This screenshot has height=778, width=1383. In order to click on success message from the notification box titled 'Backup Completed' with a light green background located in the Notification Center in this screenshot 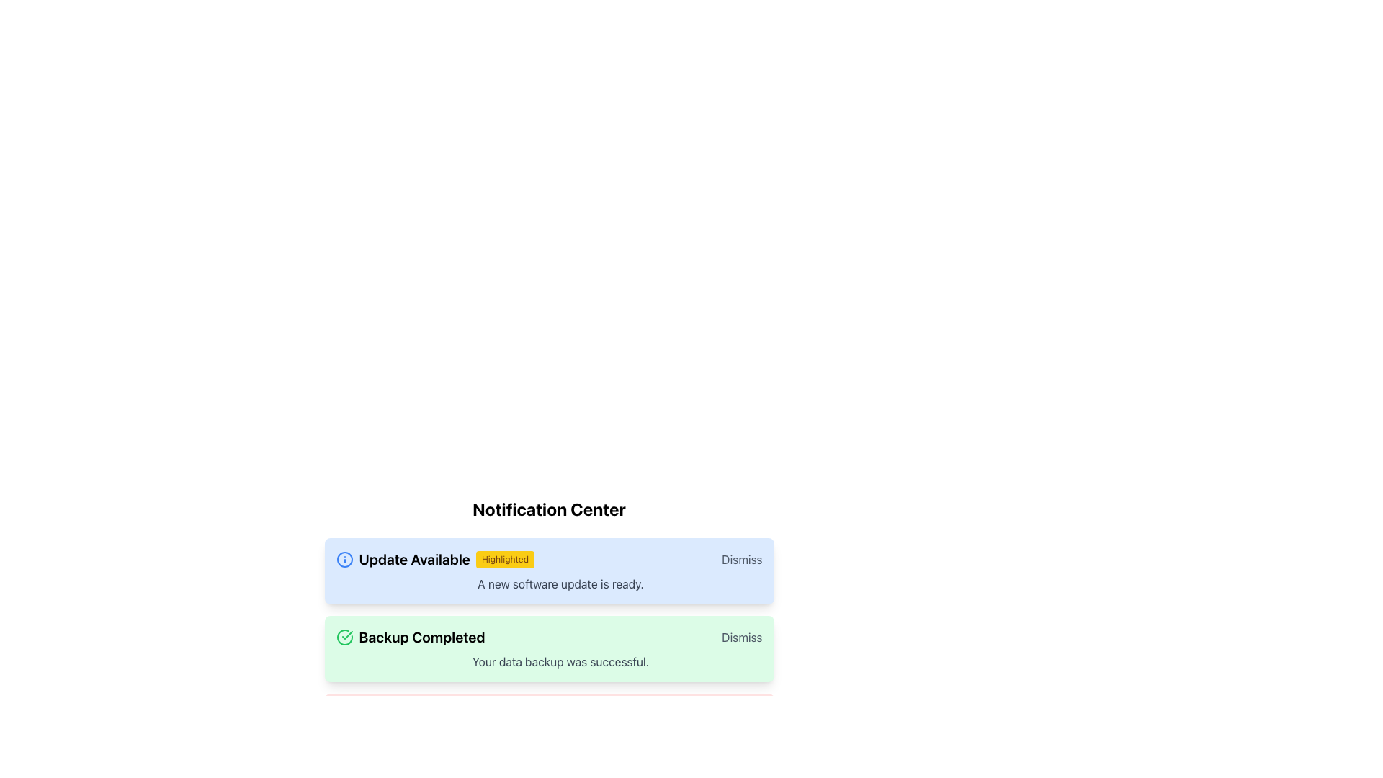, I will do `click(548, 649)`.